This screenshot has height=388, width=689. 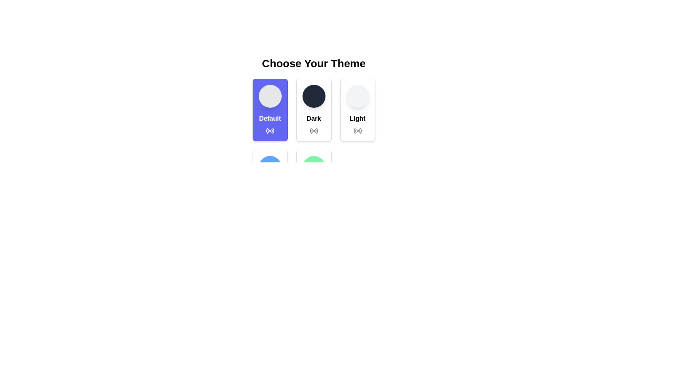 I want to click on the 'Blue' theme selectable card, which is the leftmost item in the second row of the grid layout, so click(x=269, y=181).